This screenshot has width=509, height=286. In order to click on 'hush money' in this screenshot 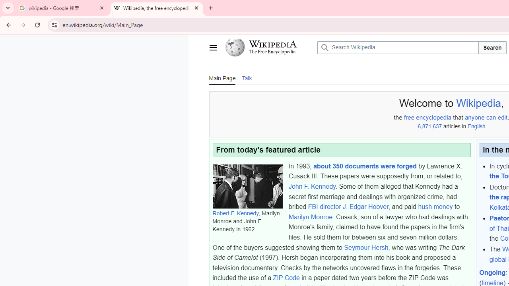, I will do `click(435, 206)`.